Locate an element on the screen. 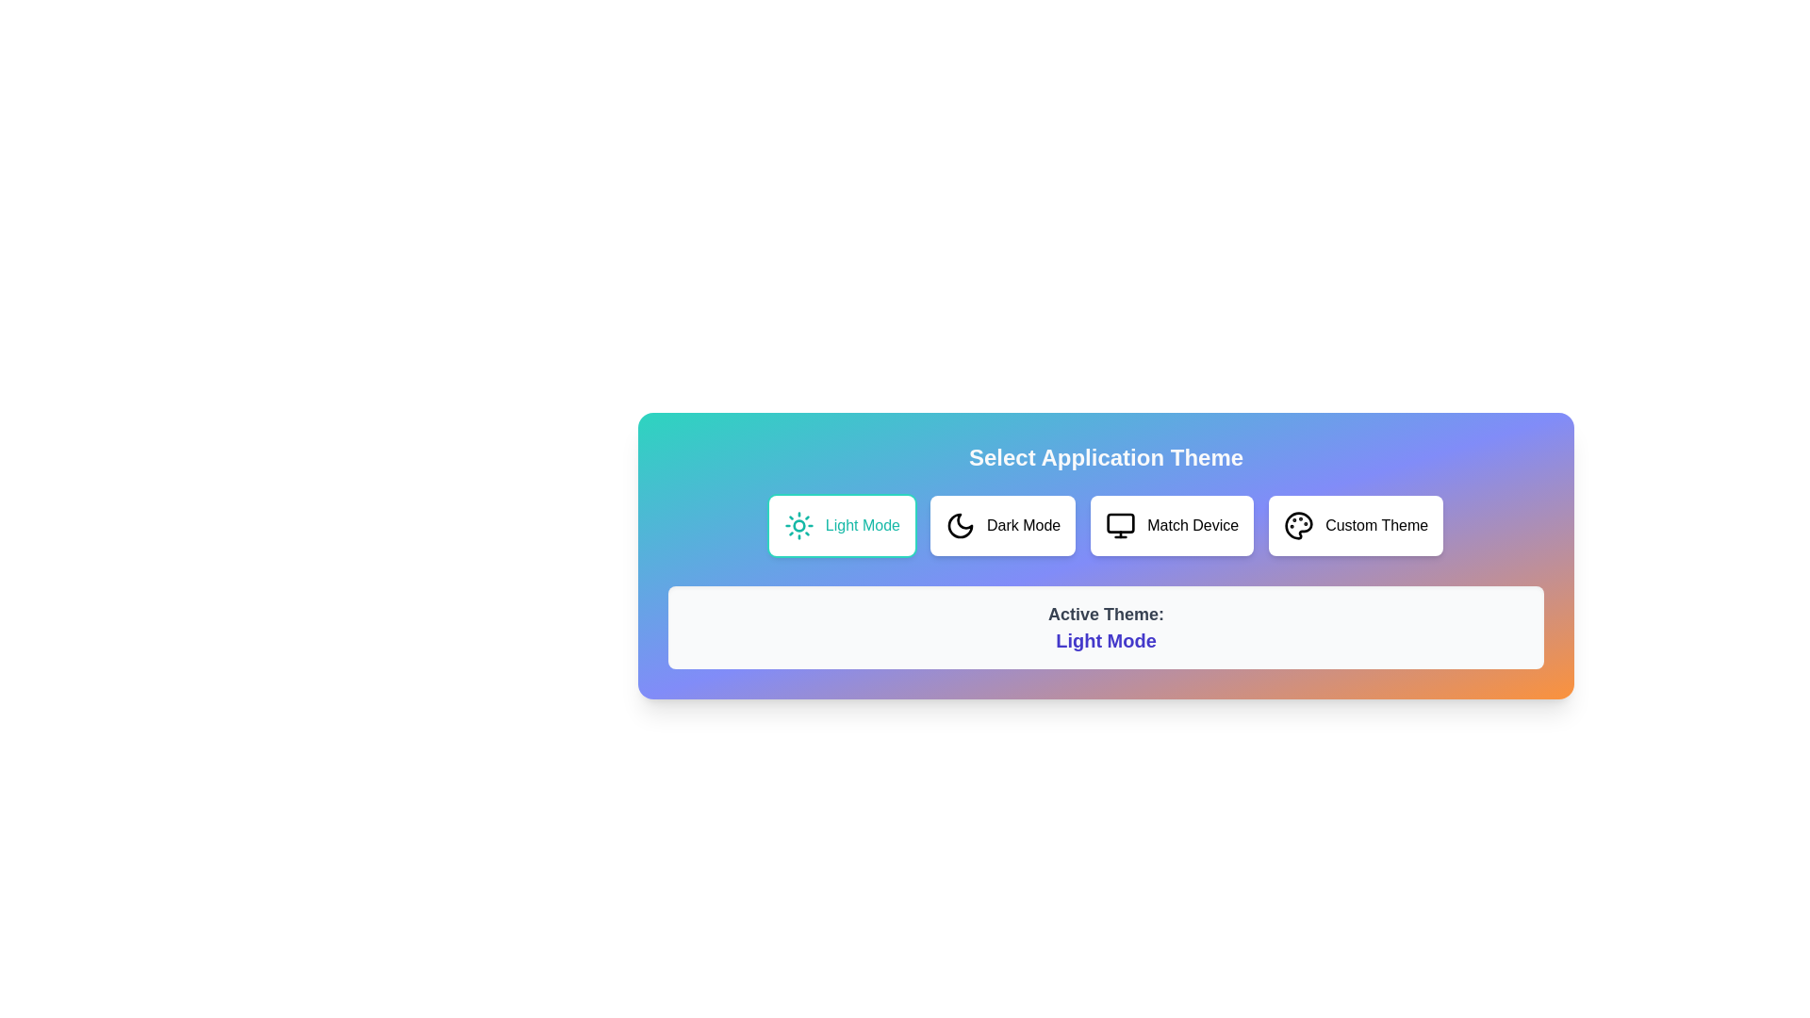 The height and width of the screenshot is (1018, 1810). the theme button Match Device to preview its hover effect is located at coordinates (1171, 526).